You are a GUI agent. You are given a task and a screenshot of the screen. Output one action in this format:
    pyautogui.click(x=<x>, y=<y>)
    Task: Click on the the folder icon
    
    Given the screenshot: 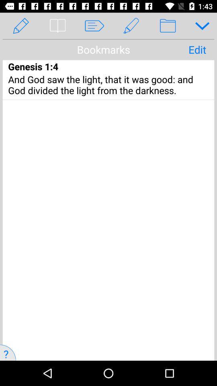 What is the action you would take?
    pyautogui.click(x=167, y=26)
    